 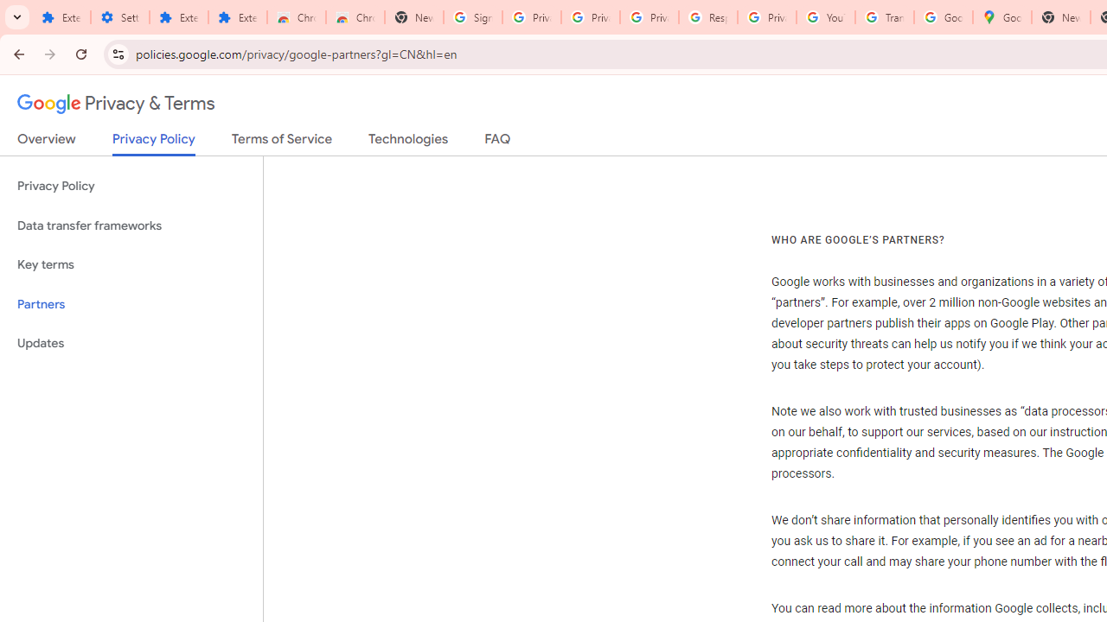 I want to click on 'Extensions', so click(x=236, y=17).